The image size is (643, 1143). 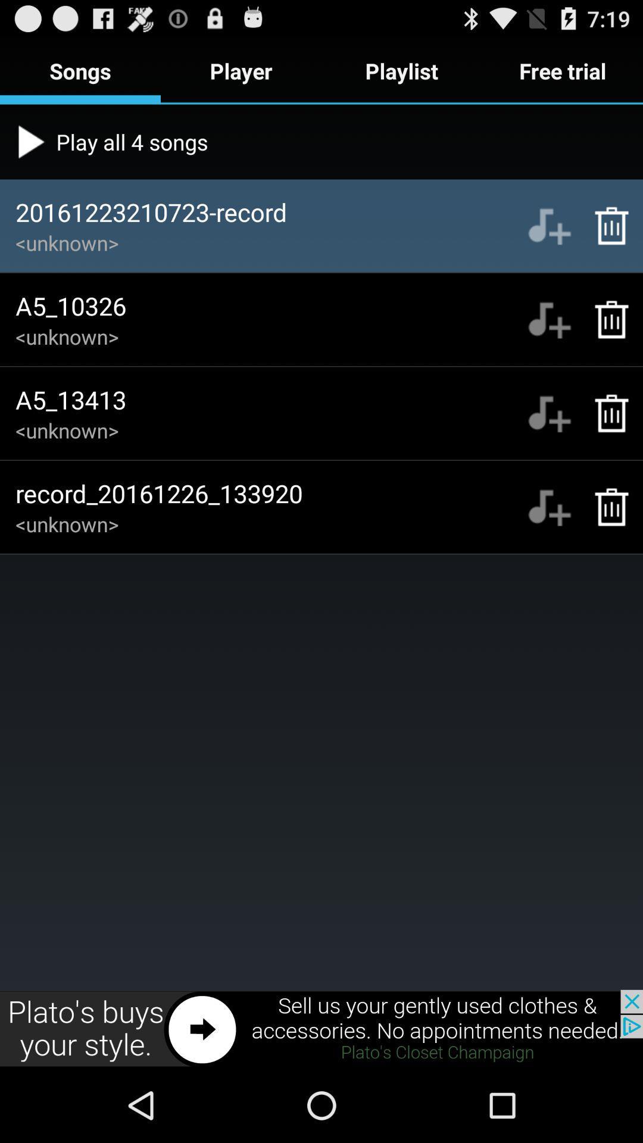 What do you see at coordinates (605, 320) in the screenshot?
I see `delete option` at bounding box center [605, 320].